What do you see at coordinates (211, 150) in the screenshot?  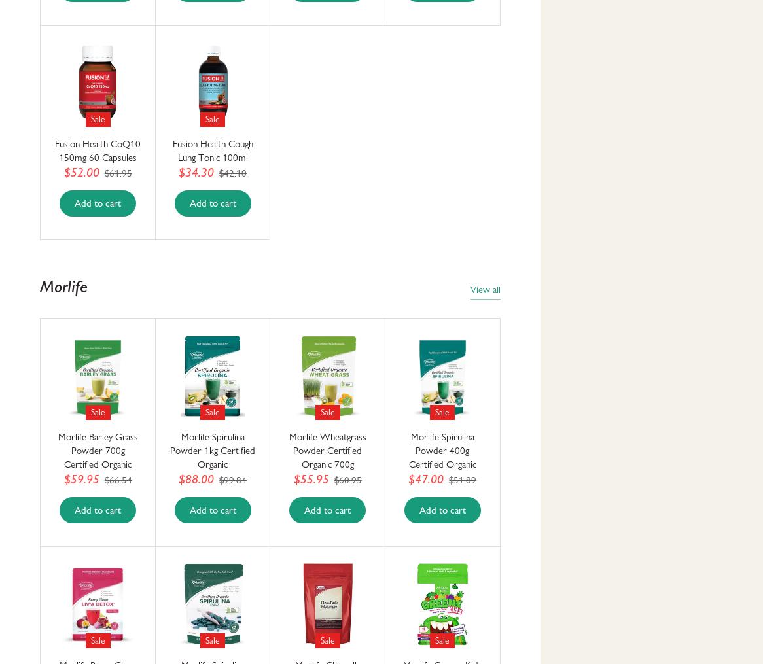 I see `'Fusion Health Cough Lung Tonic 100ml'` at bounding box center [211, 150].